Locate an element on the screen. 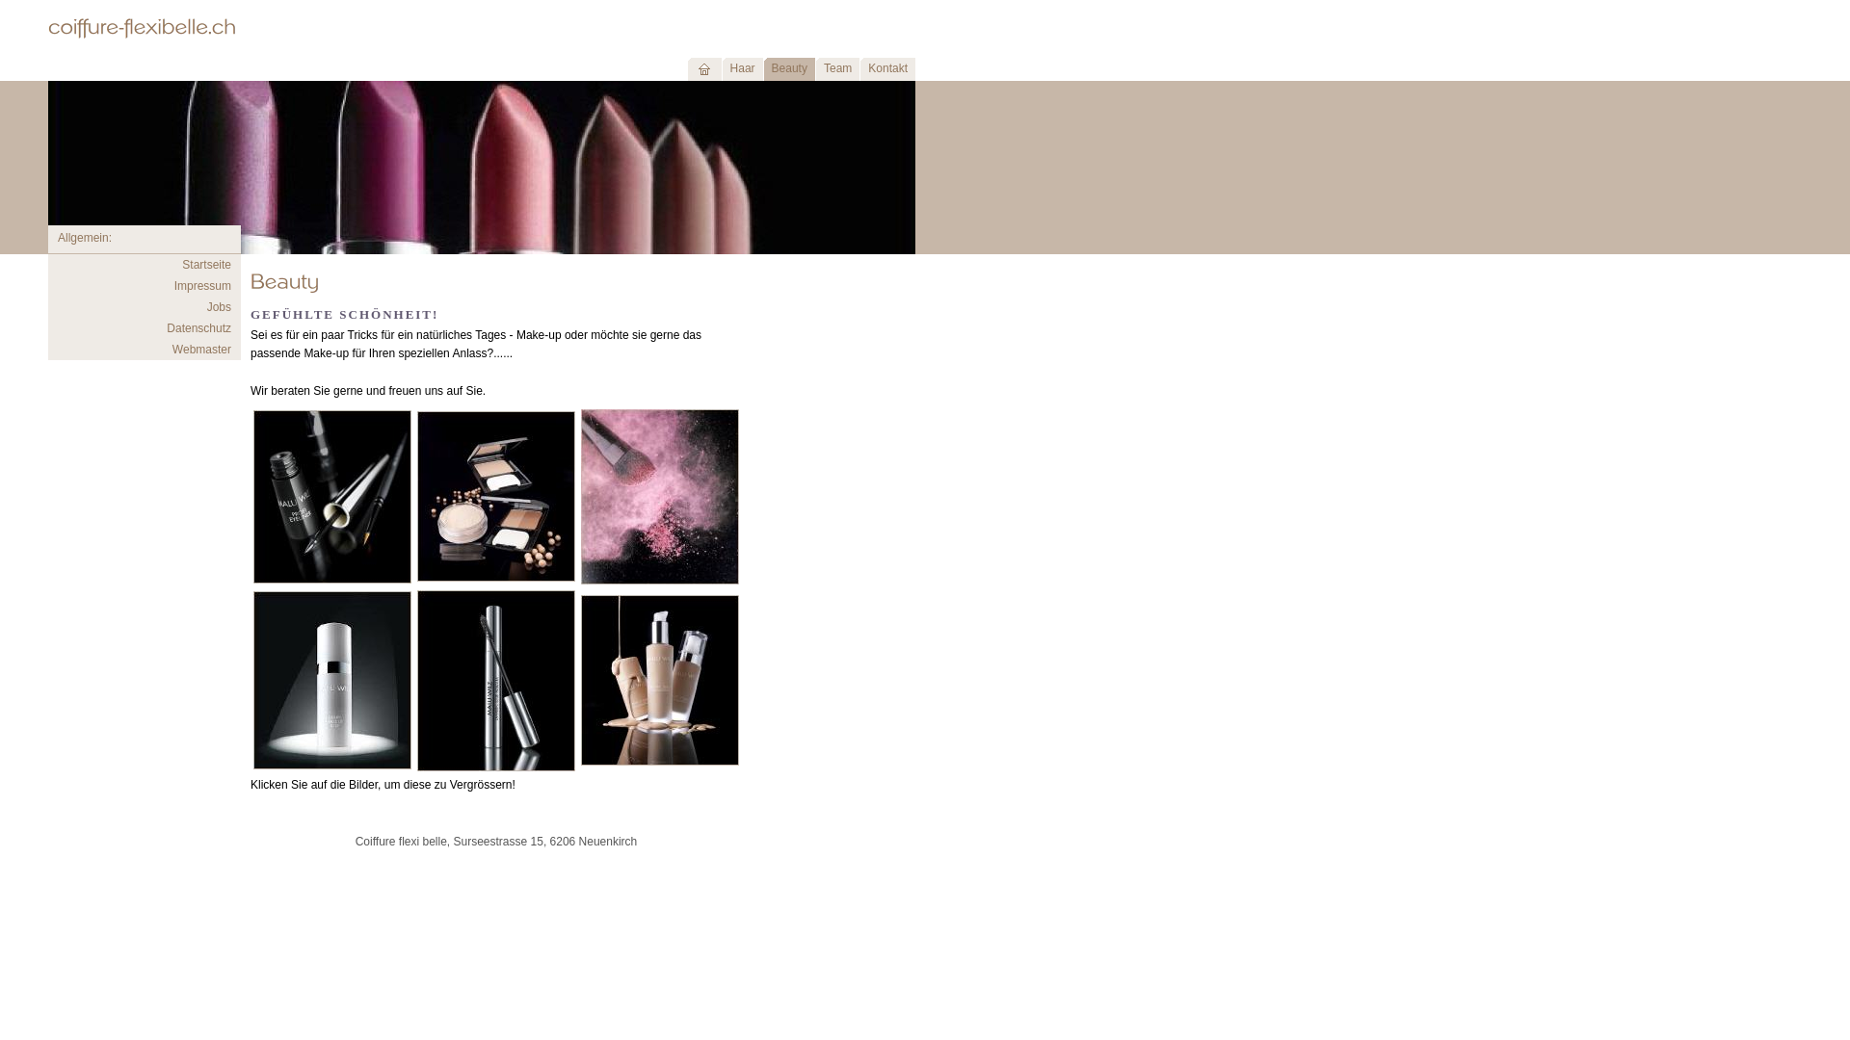 The height and width of the screenshot is (1040, 1850). 'Kontakt' is located at coordinates (886, 69).